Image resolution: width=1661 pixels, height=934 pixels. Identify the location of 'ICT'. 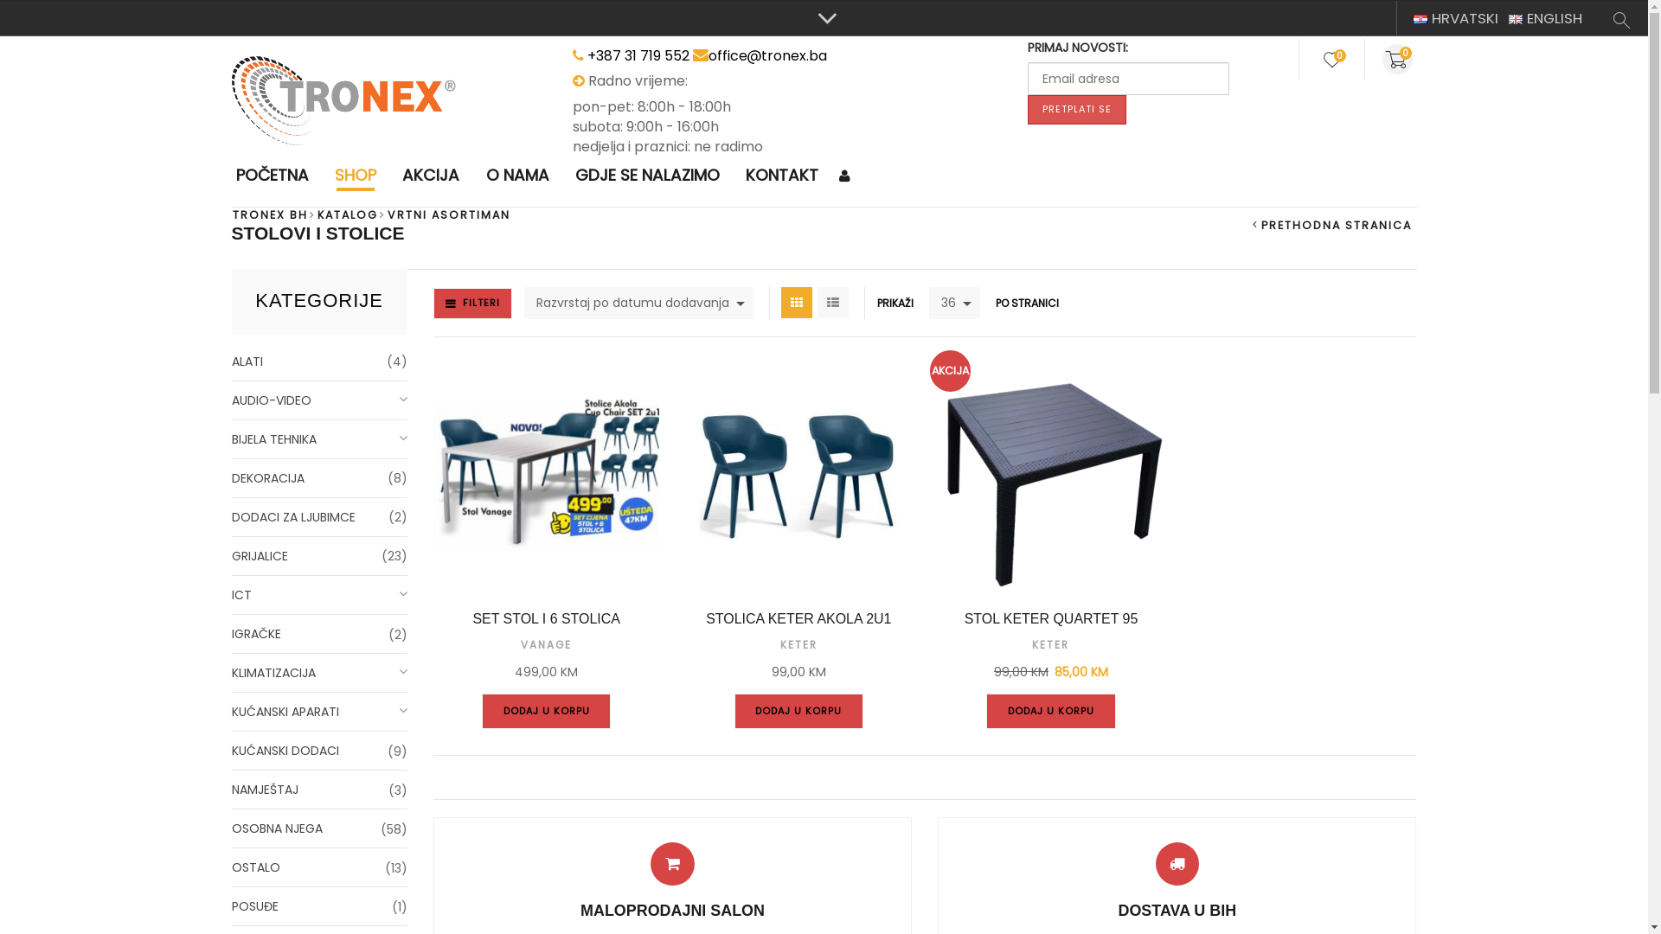
(319, 594).